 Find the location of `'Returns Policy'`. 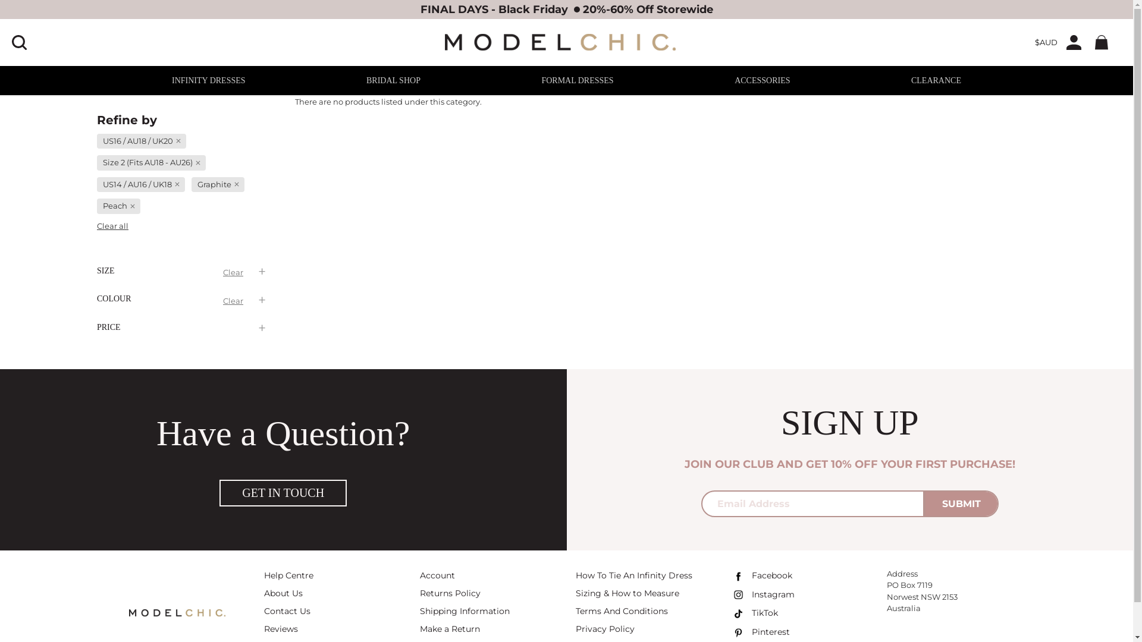

'Returns Policy' is located at coordinates (450, 595).